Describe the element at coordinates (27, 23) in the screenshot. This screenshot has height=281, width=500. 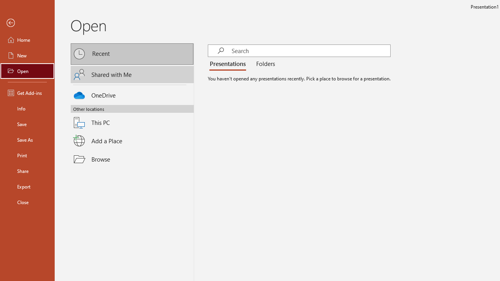
I see `'Back'` at that location.